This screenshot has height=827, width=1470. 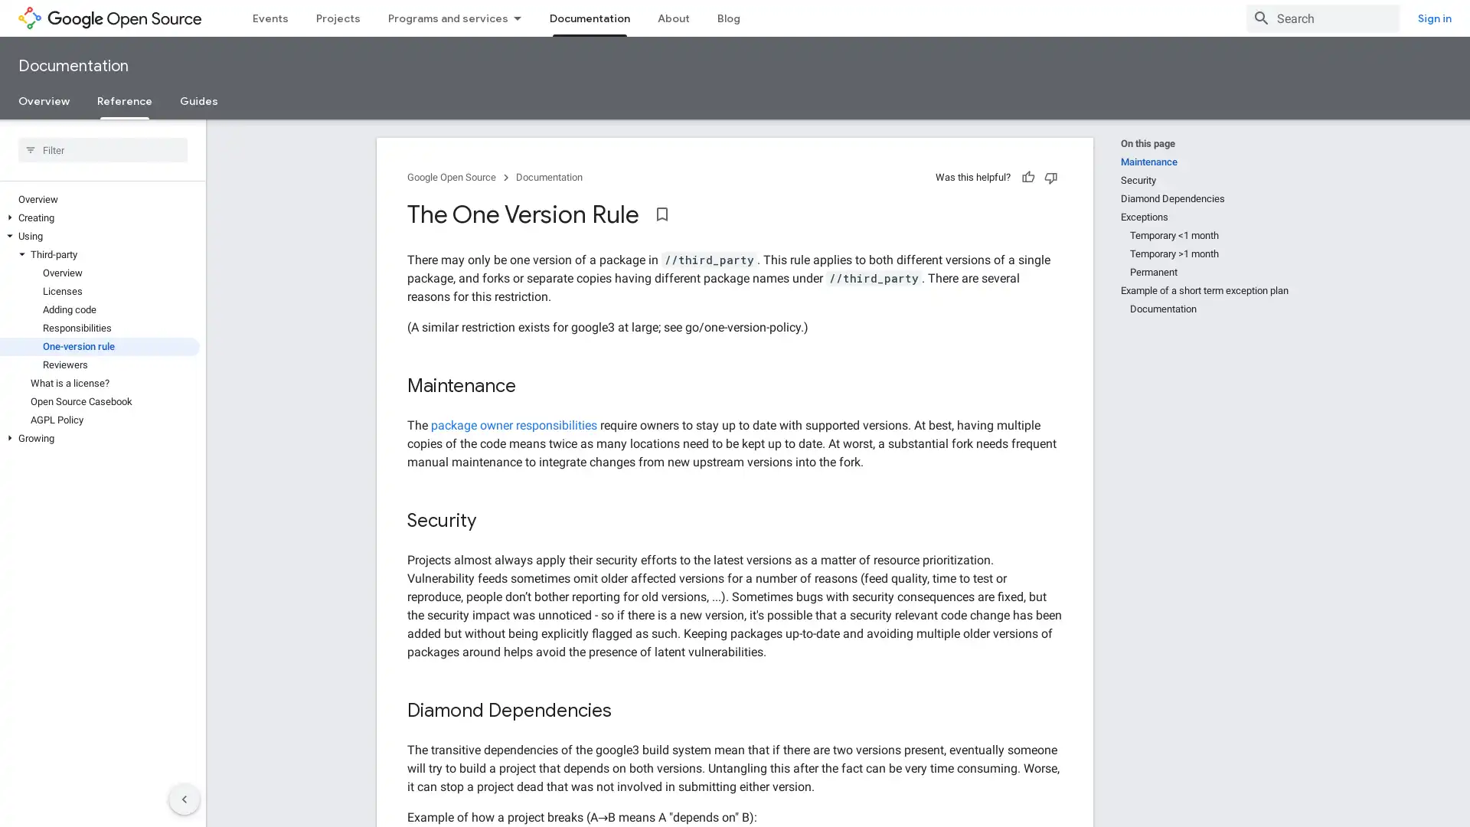 What do you see at coordinates (531, 386) in the screenshot?
I see `Copy link to this section: Maintenance` at bounding box center [531, 386].